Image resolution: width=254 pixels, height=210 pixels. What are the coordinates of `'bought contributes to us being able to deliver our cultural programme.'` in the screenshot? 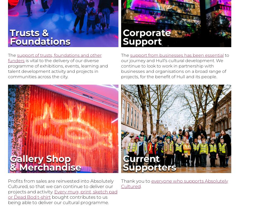 It's located at (58, 200).